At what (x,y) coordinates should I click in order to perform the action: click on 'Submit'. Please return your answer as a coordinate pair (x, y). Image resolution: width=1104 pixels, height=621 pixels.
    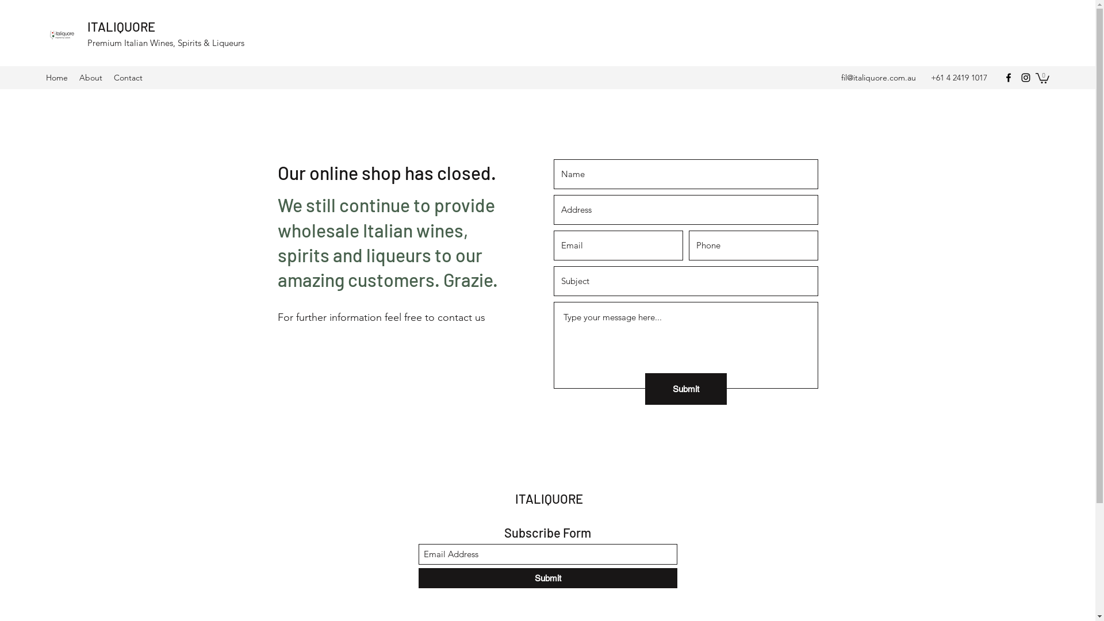
    Looking at the image, I should click on (686, 388).